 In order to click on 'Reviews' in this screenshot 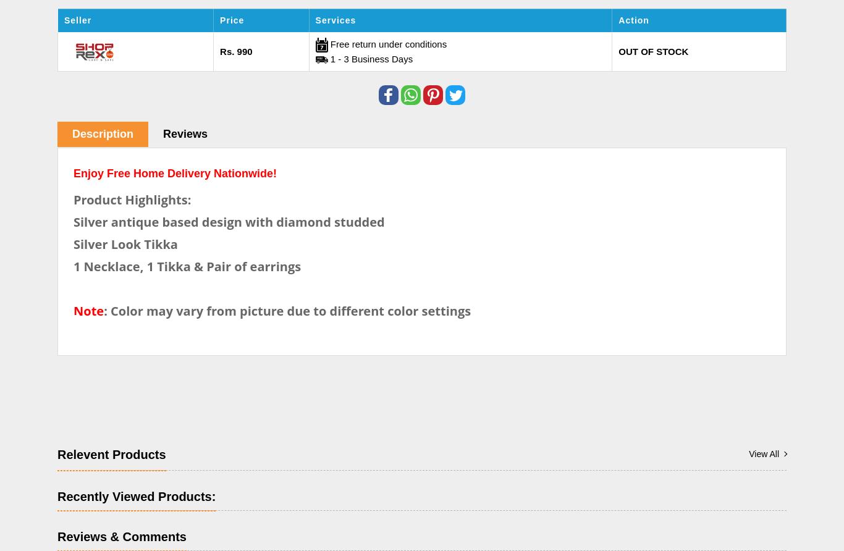, I will do `click(185, 133)`.